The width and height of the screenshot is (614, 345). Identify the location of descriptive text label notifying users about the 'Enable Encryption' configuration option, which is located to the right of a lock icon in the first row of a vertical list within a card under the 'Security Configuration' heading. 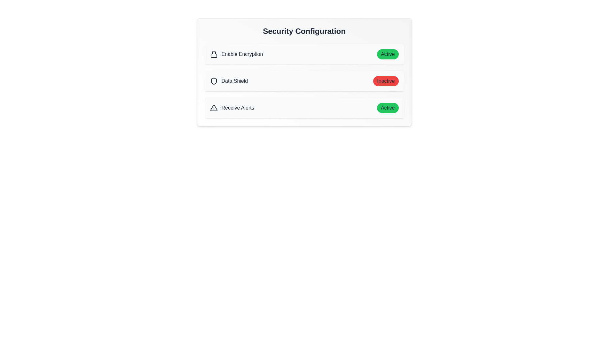
(242, 54).